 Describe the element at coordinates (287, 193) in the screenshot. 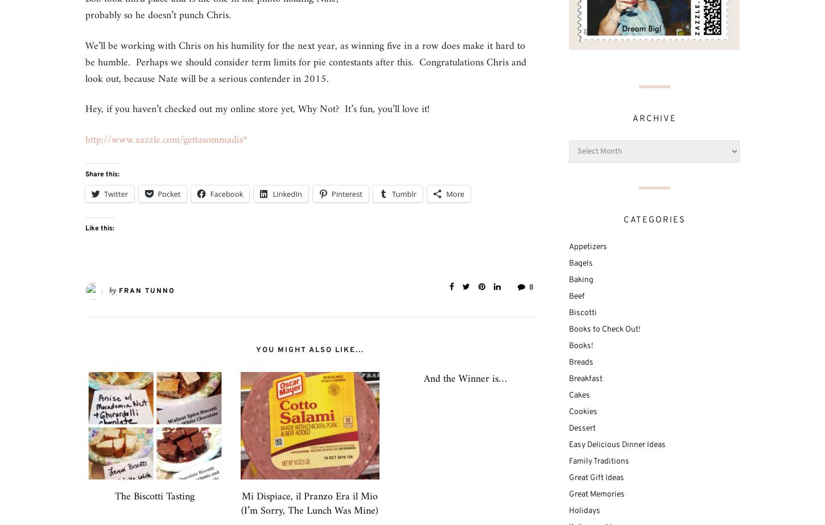

I see `'LinkedIn'` at that location.